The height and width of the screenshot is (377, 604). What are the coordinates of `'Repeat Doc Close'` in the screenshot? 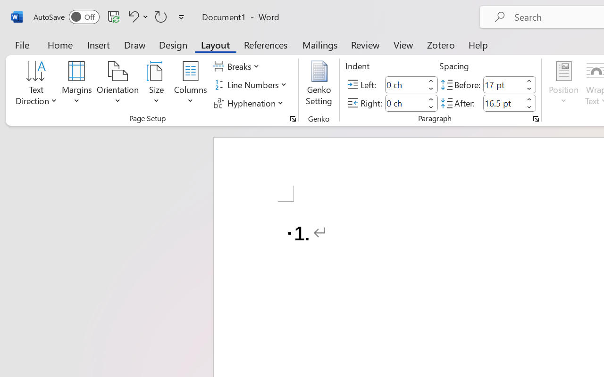 It's located at (161, 16).